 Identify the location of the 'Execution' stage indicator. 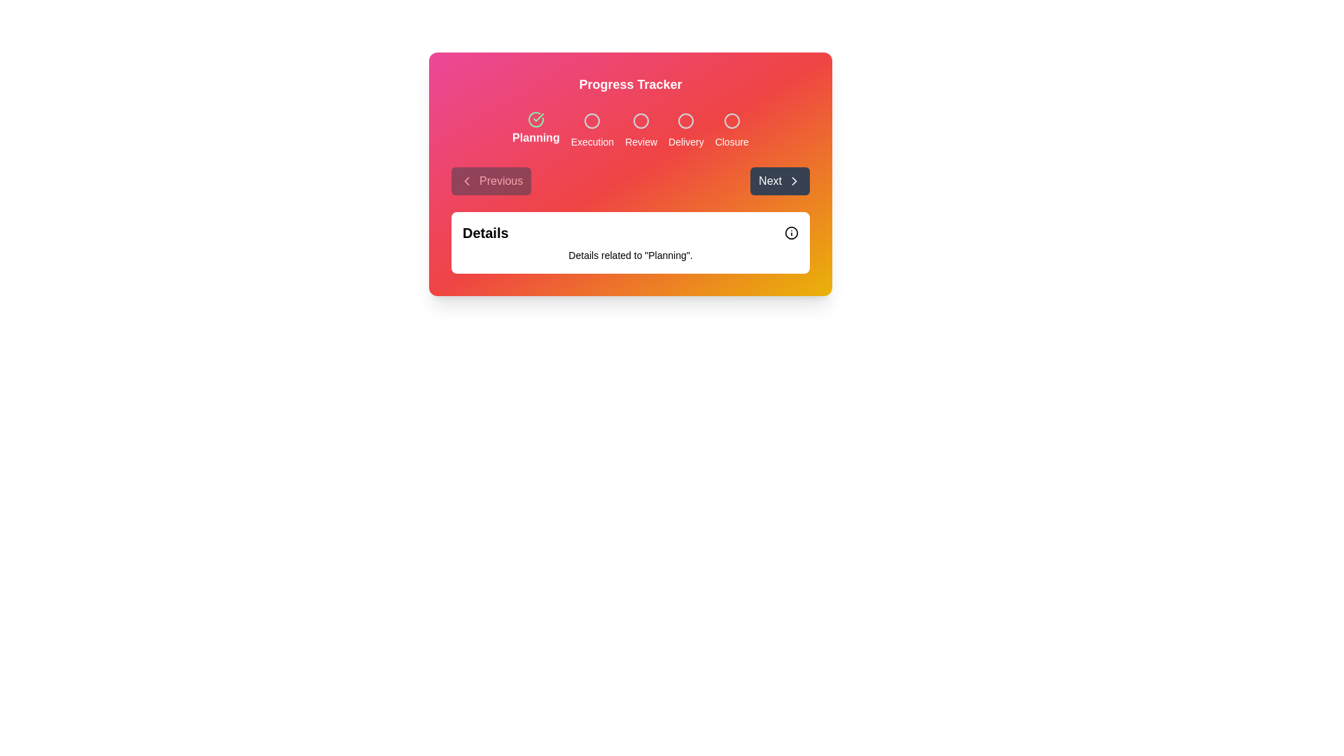
(592, 130).